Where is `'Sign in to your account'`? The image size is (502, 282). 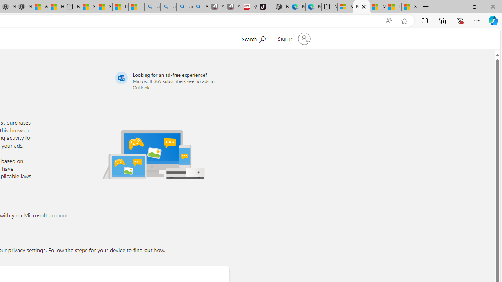
'Sign in to your account' is located at coordinates (293, 39).